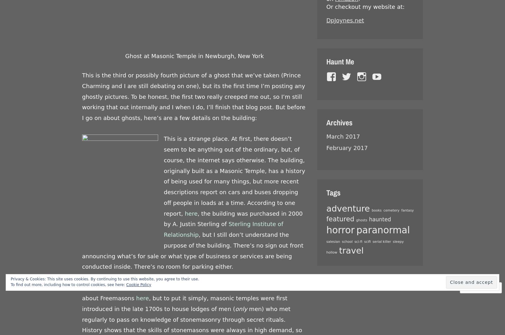  I want to click on 'school', so click(342, 242).